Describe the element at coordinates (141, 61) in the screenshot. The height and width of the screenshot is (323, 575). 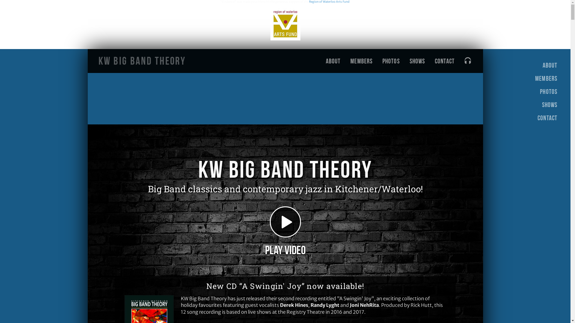
I see `'KW Big Band Theory'` at that location.